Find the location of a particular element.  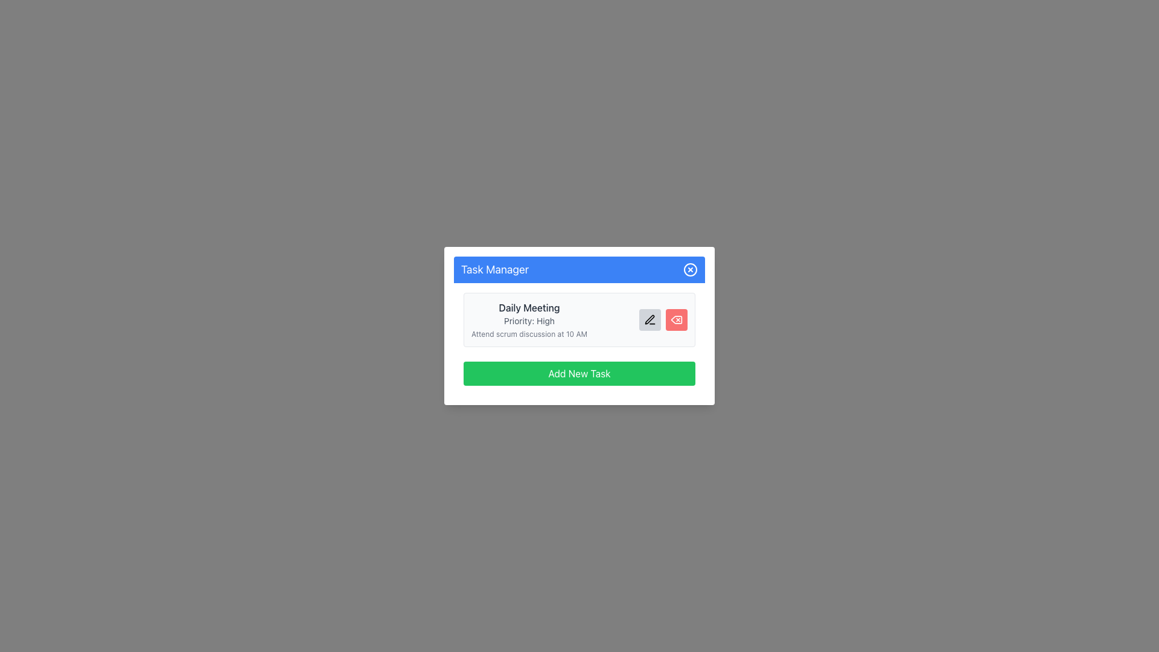

the Text Label element that serves as the title of the Task Manager interface, located on the left side of the top bar of the modal is located at coordinates (495, 269).